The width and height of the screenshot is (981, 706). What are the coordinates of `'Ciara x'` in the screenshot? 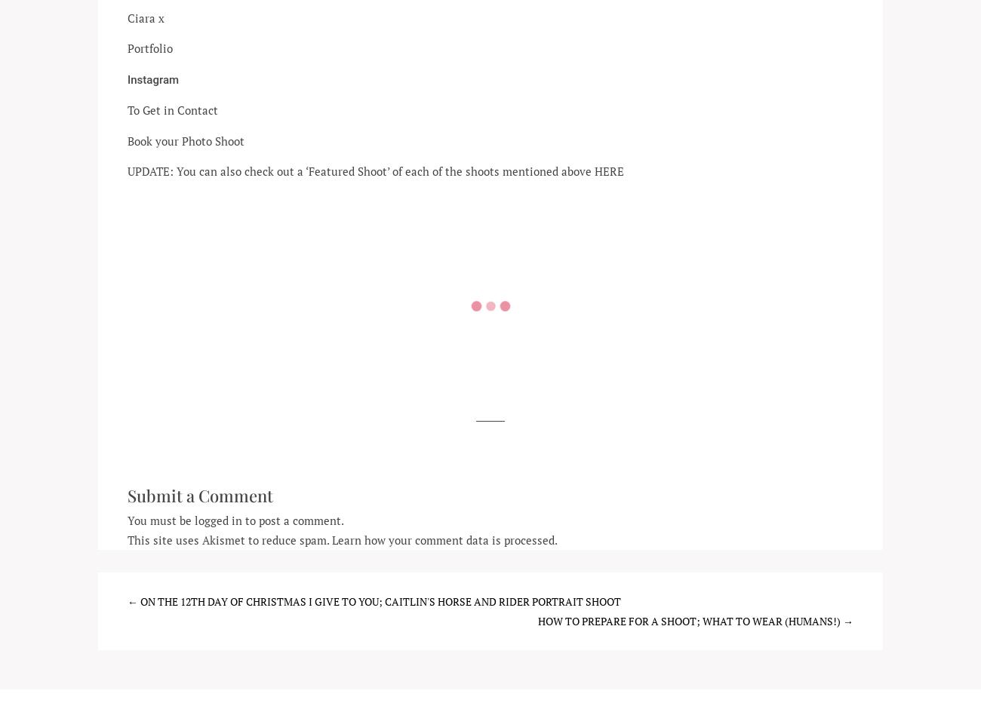 It's located at (146, 17).